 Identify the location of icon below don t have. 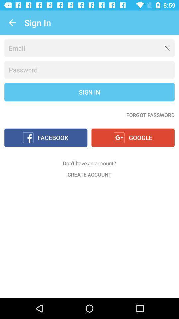
(89, 174).